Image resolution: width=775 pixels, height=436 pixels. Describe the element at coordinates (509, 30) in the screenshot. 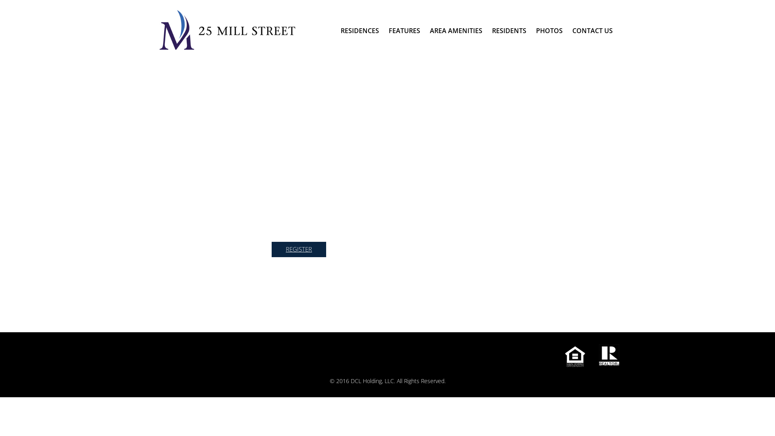

I see `'RESIDENTS'` at that location.